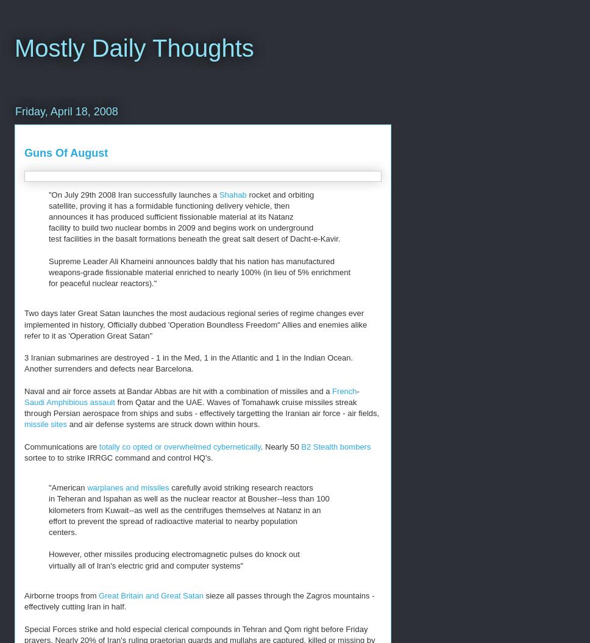  Describe the element at coordinates (177, 390) in the screenshot. I see `'Naval and air force assets at Bandar Abbas are hit with a combination of missiles and a'` at that location.